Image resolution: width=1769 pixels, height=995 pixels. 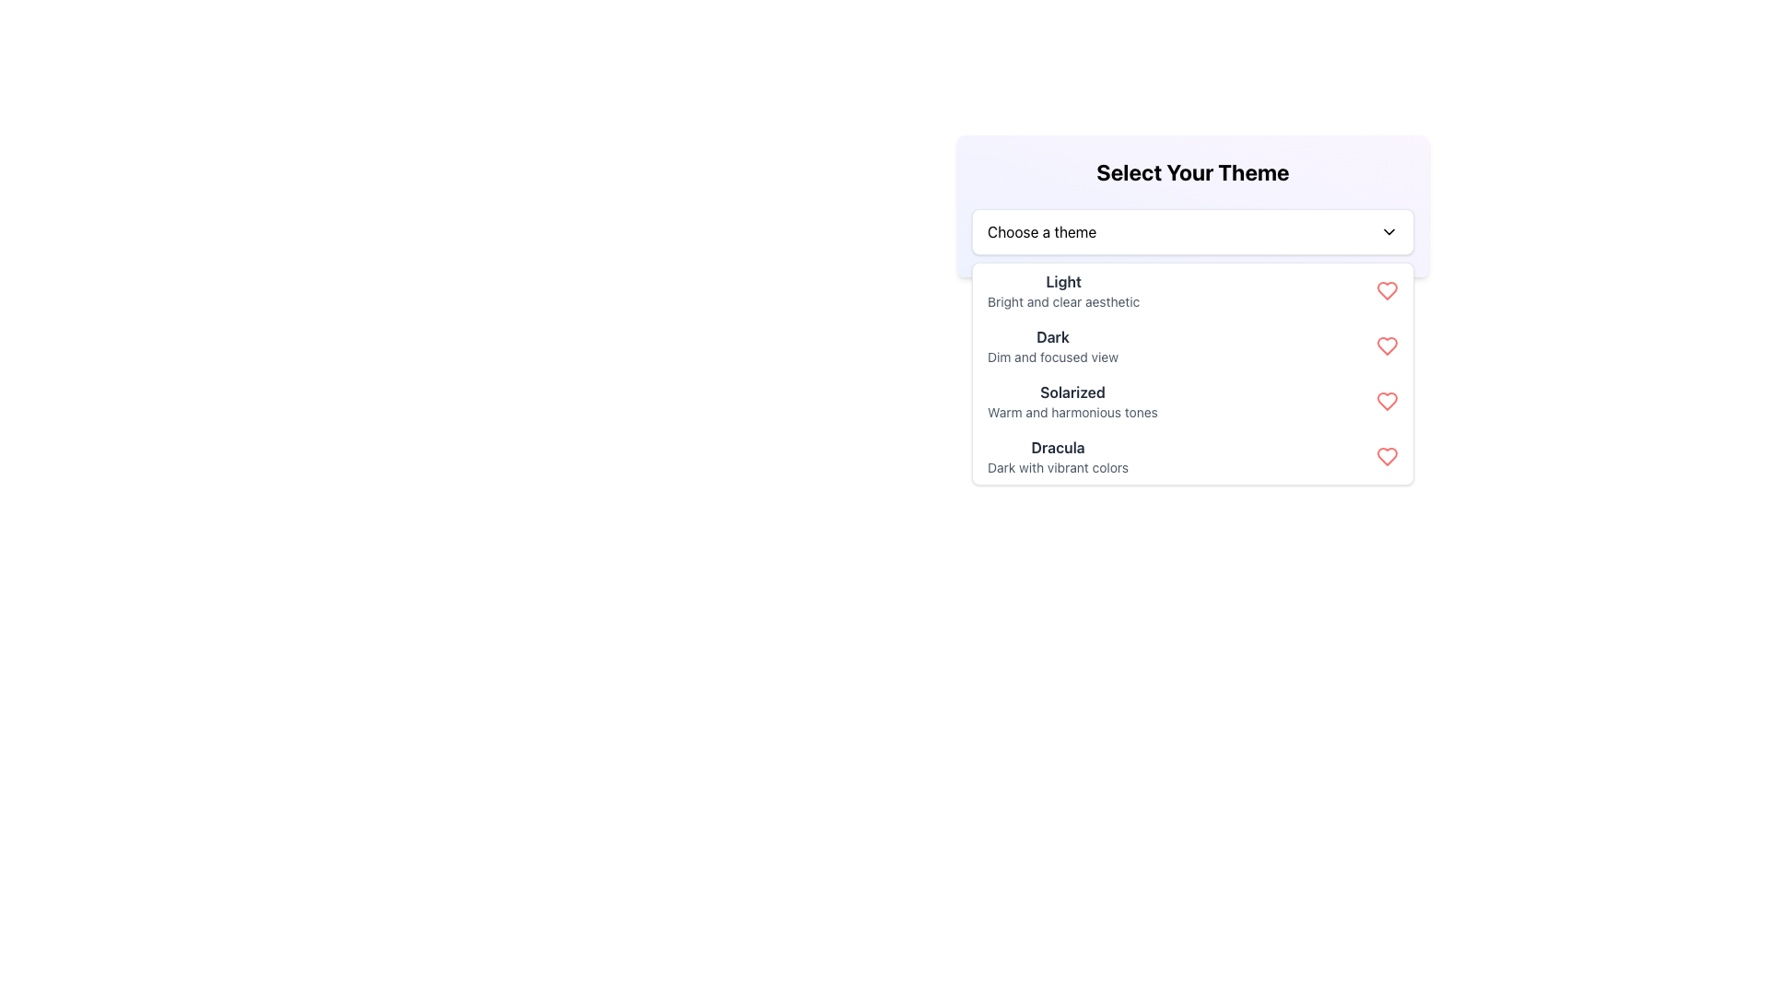 I want to click on the 'Dracula' theme selection option, which is the last item in the dropdown menu under 'Select Your Theme', so click(x=1193, y=456).